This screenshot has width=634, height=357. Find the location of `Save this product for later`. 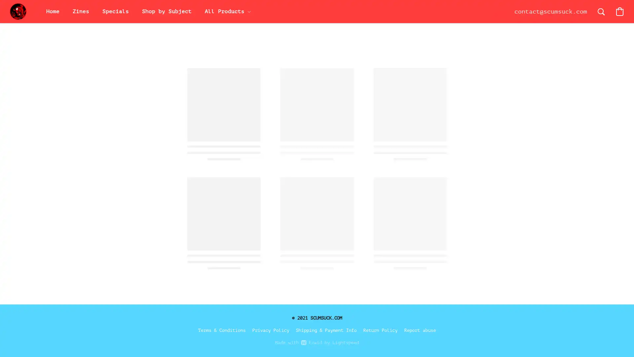

Save this product for later is located at coordinates (409, 205).